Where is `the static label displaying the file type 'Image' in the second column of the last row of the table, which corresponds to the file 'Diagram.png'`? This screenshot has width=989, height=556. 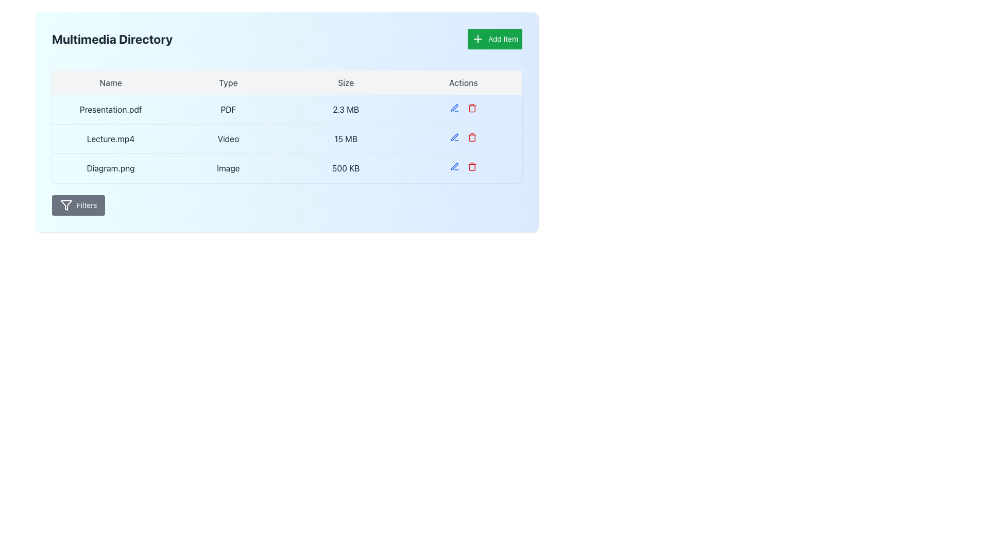 the static label displaying the file type 'Image' in the second column of the last row of the table, which corresponds to the file 'Diagram.png' is located at coordinates (228, 167).